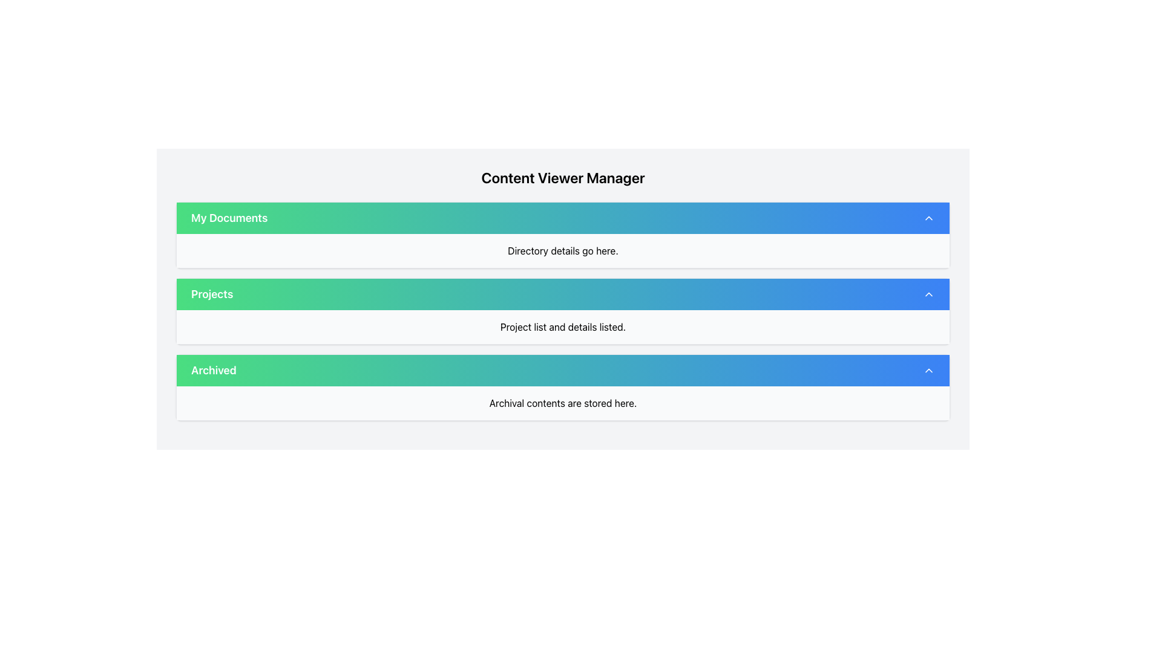 This screenshot has height=653, width=1162. I want to click on the text label 'Content Viewer Manager' which is displayed in a large, bold font at the top of the panel with a light gray background, so click(562, 177).